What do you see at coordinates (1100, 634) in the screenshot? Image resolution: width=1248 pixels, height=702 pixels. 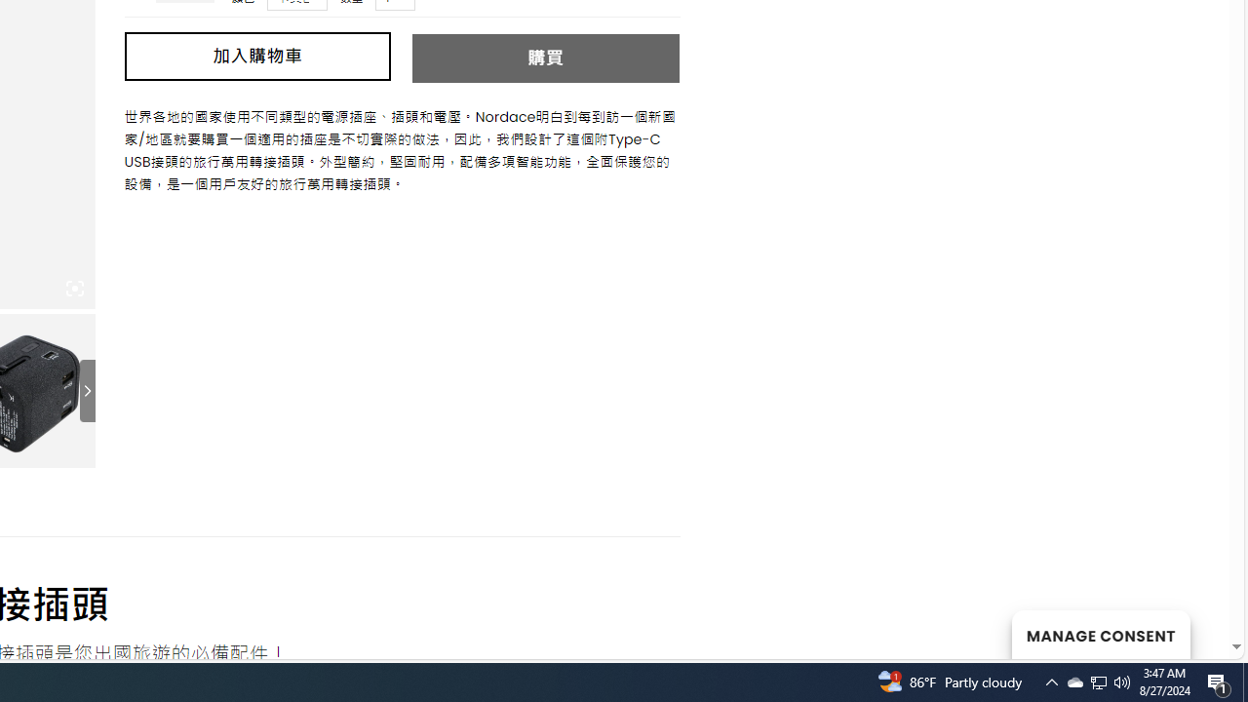 I see `'MANAGE CONSENT'` at bounding box center [1100, 634].